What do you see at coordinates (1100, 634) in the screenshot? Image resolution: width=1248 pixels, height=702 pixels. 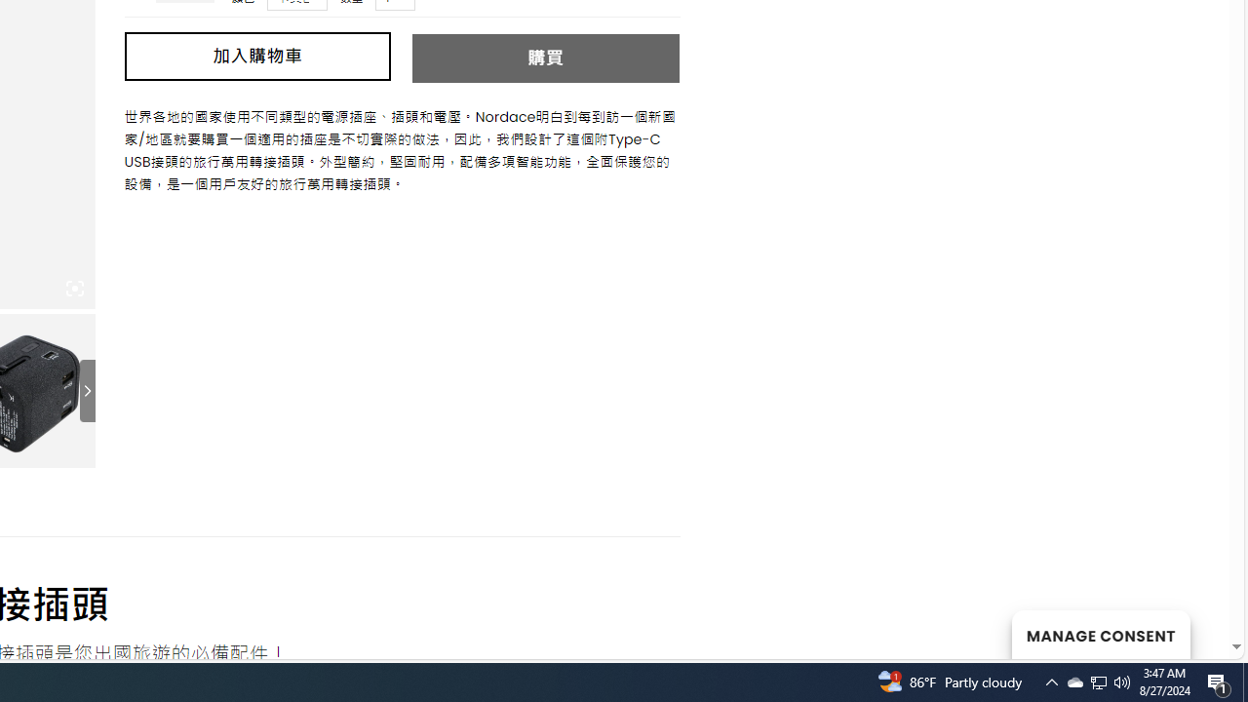 I see `'MANAGE CONSENT'` at bounding box center [1100, 634].